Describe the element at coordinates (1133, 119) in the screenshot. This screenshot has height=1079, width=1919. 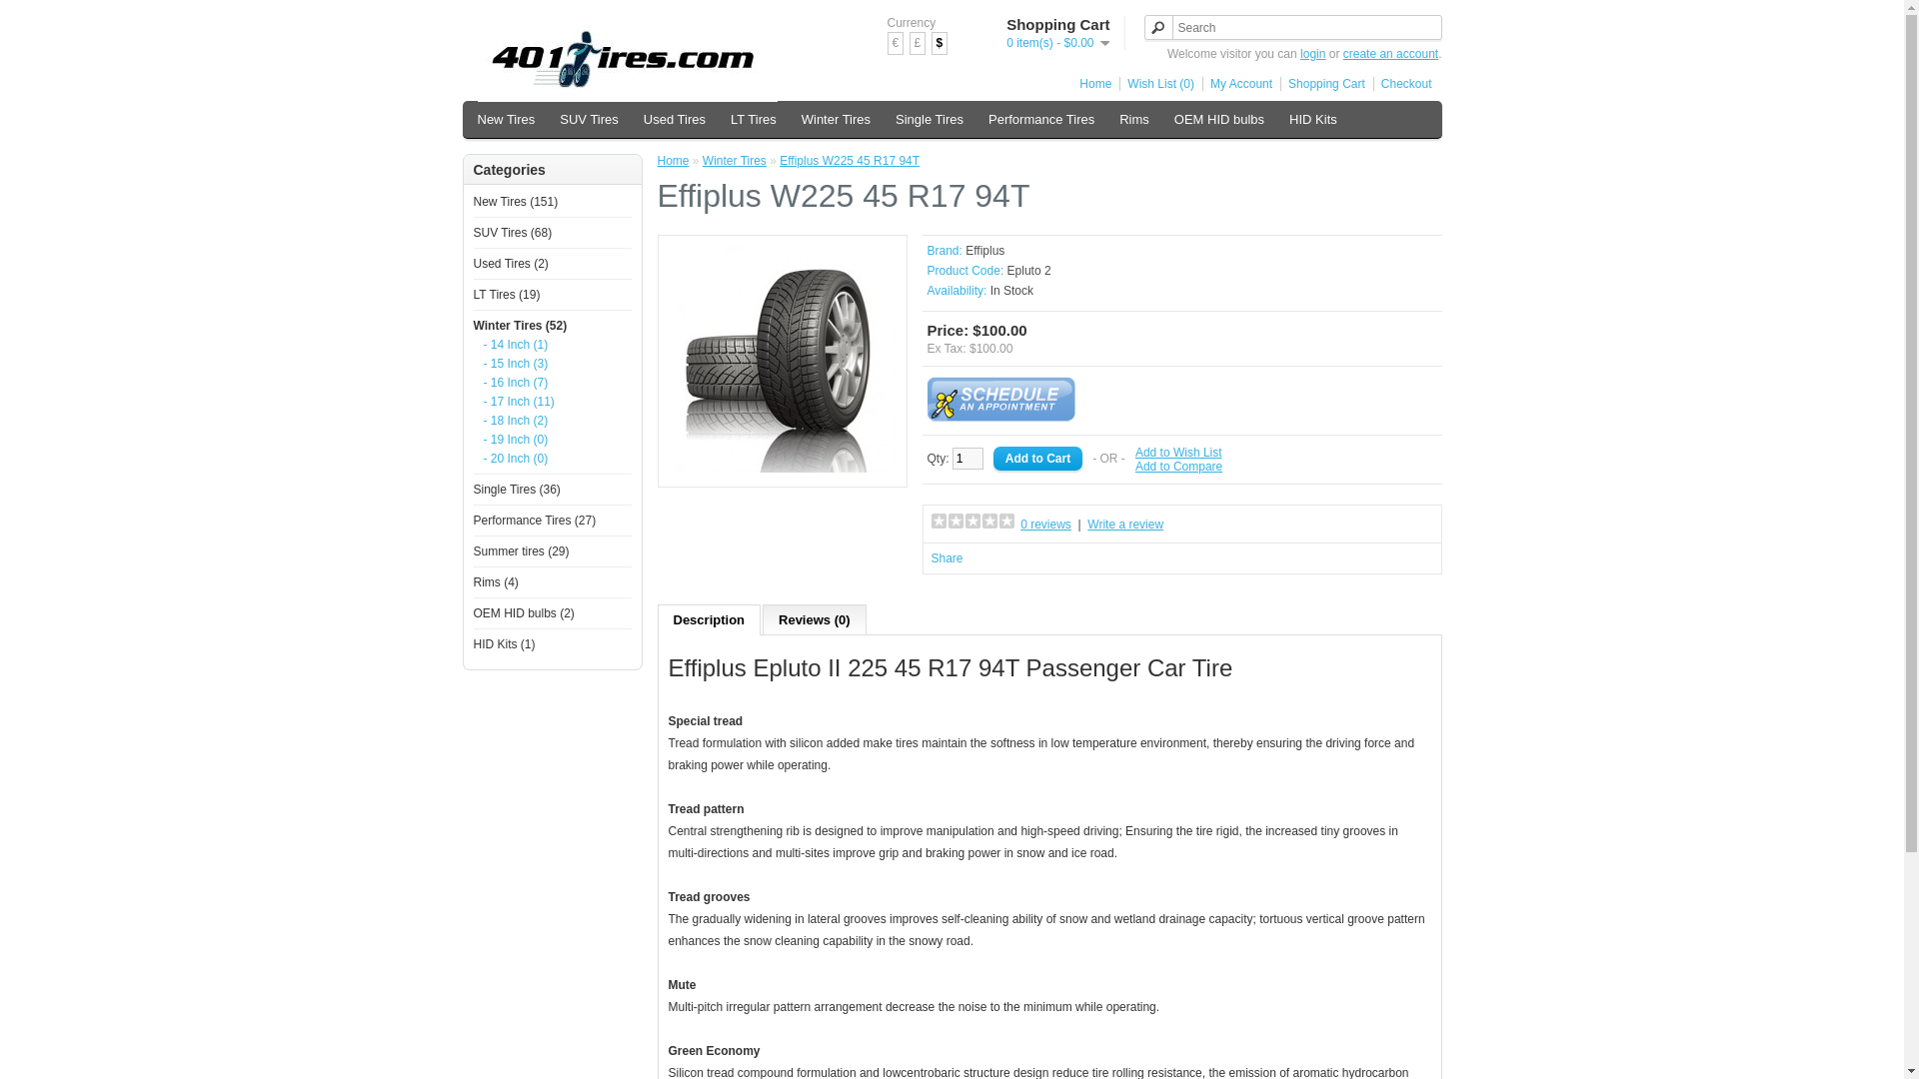
I see `'Rims'` at that location.